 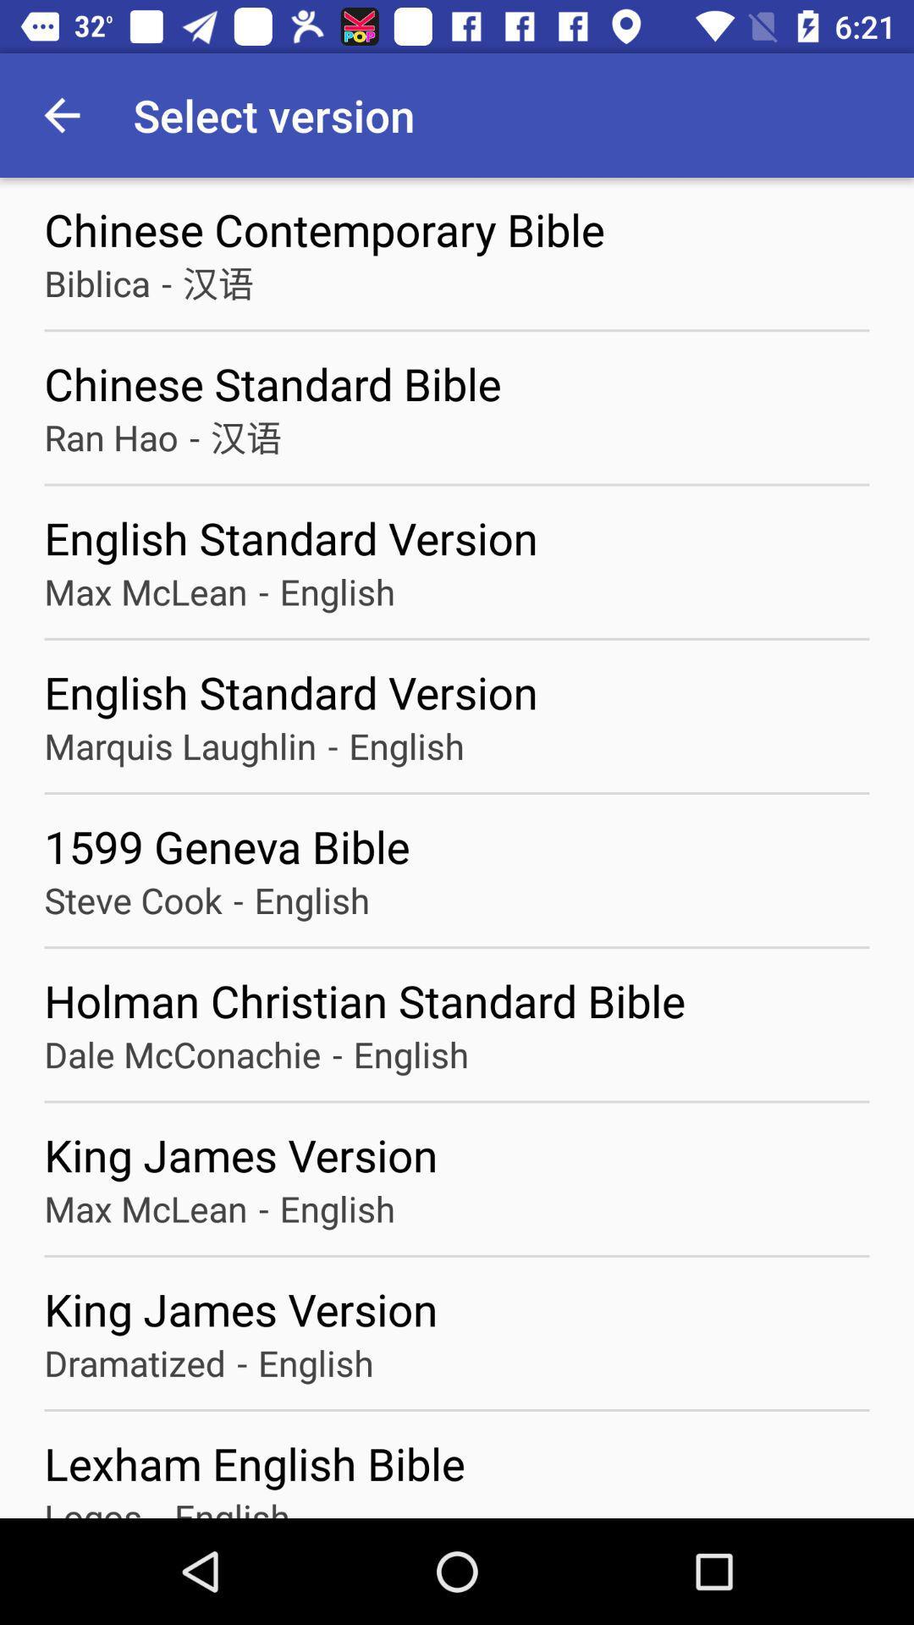 I want to click on icon above english standard version, so click(x=245, y=437).